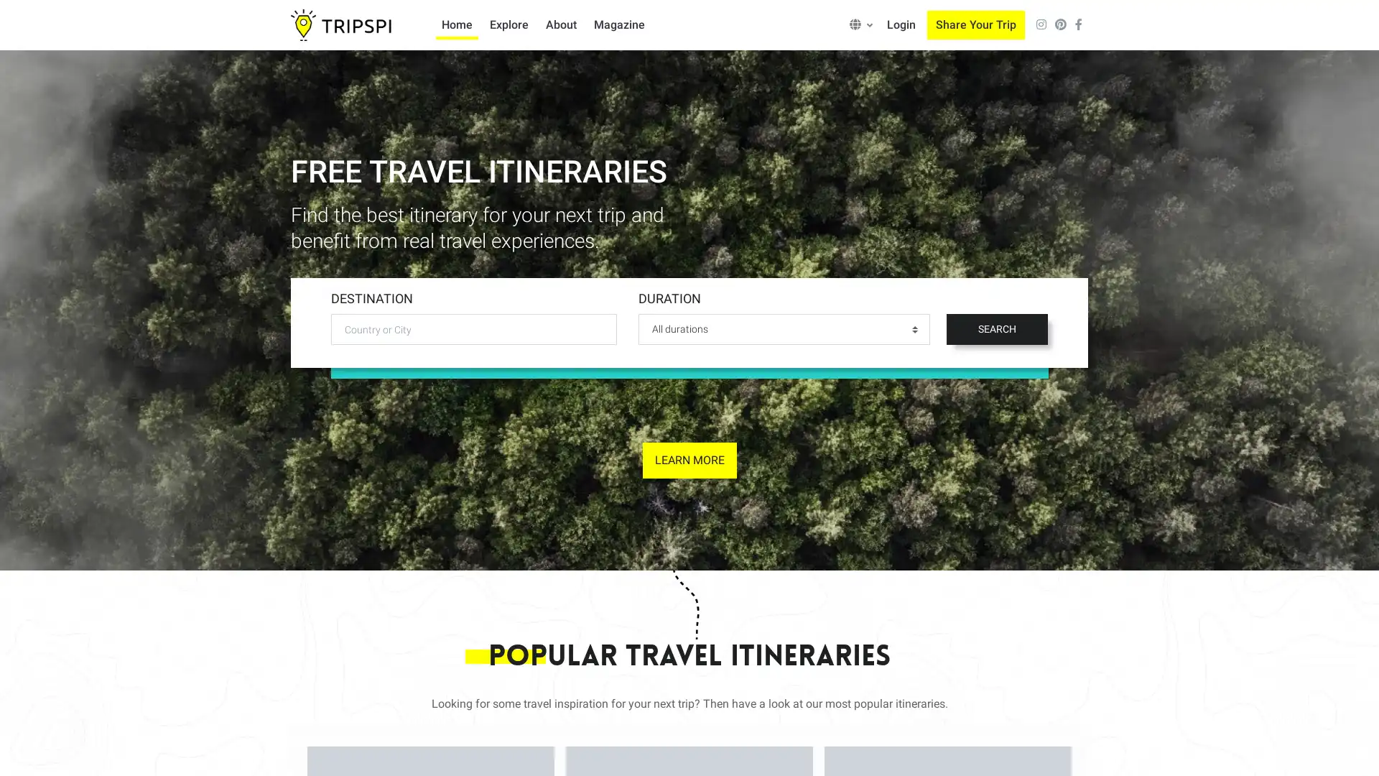 This screenshot has height=776, width=1379. What do you see at coordinates (995, 329) in the screenshot?
I see `SEARCH` at bounding box center [995, 329].